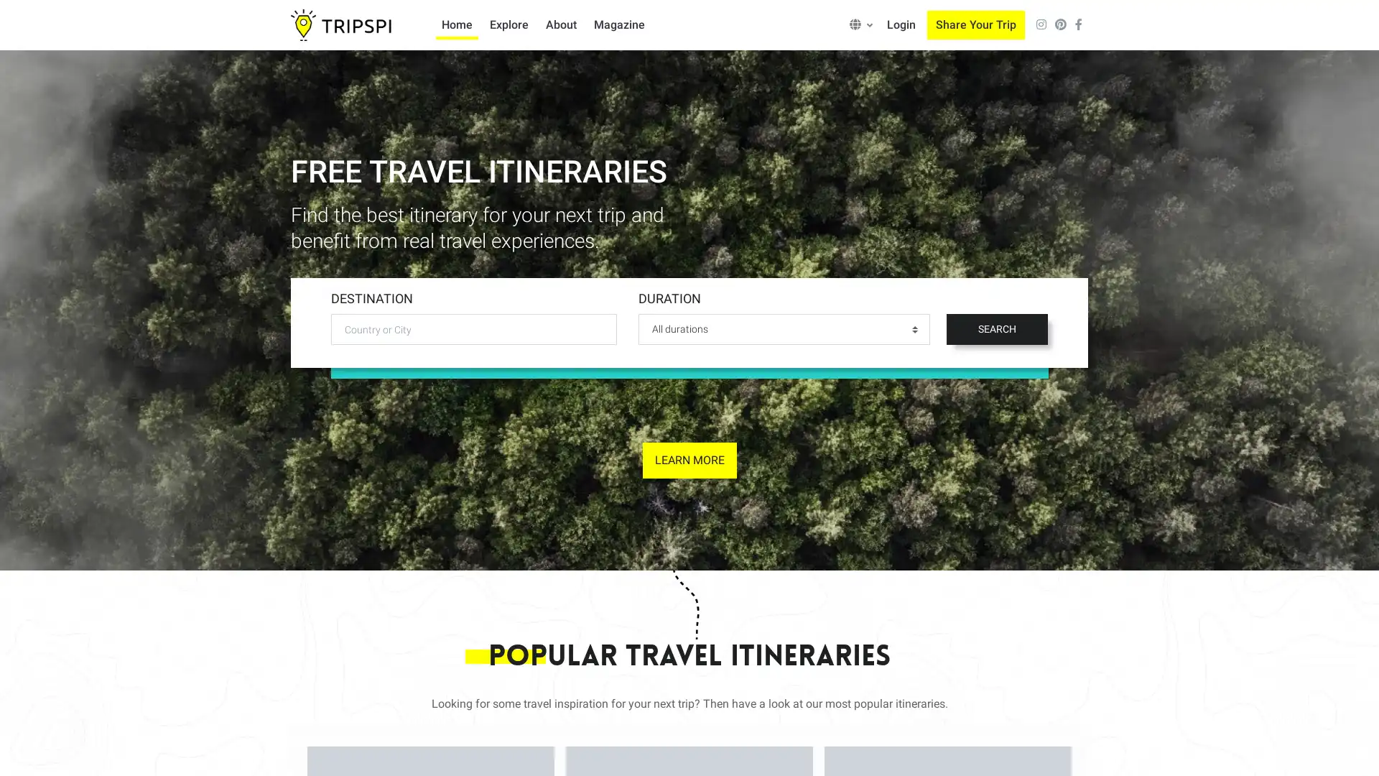 This screenshot has height=776, width=1379. What do you see at coordinates (995, 329) in the screenshot?
I see `SEARCH` at bounding box center [995, 329].